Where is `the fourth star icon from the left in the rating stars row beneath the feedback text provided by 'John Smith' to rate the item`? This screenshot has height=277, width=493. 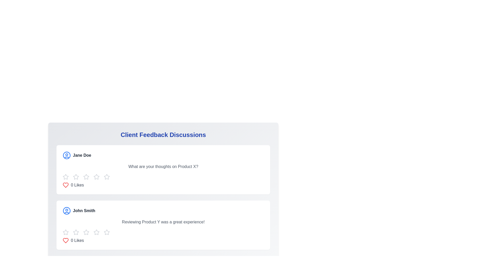 the fourth star icon from the left in the rating stars row beneath the feedback text provided by 'John Smith' to rate the item is located at coordinates (107, 232).